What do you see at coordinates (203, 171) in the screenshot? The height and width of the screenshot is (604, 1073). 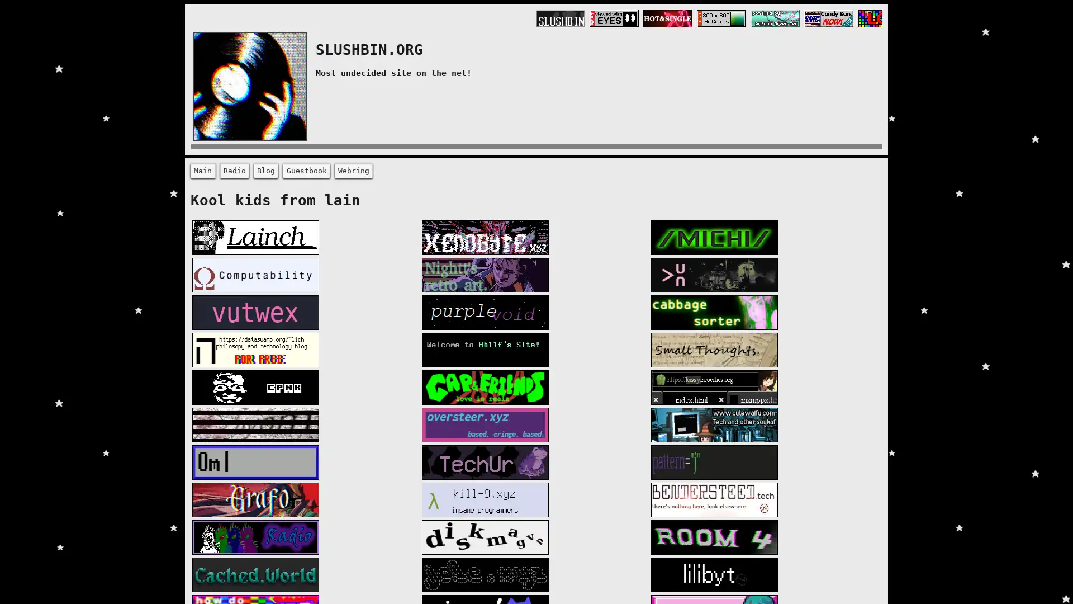 I see `Main` at bounding box center [203, 171].